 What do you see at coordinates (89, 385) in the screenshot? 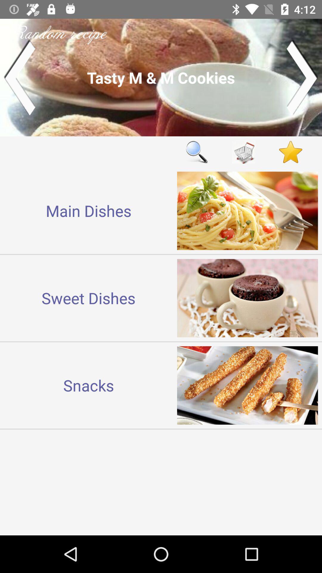
I see `the snacks` at bounding box center [89, 385].